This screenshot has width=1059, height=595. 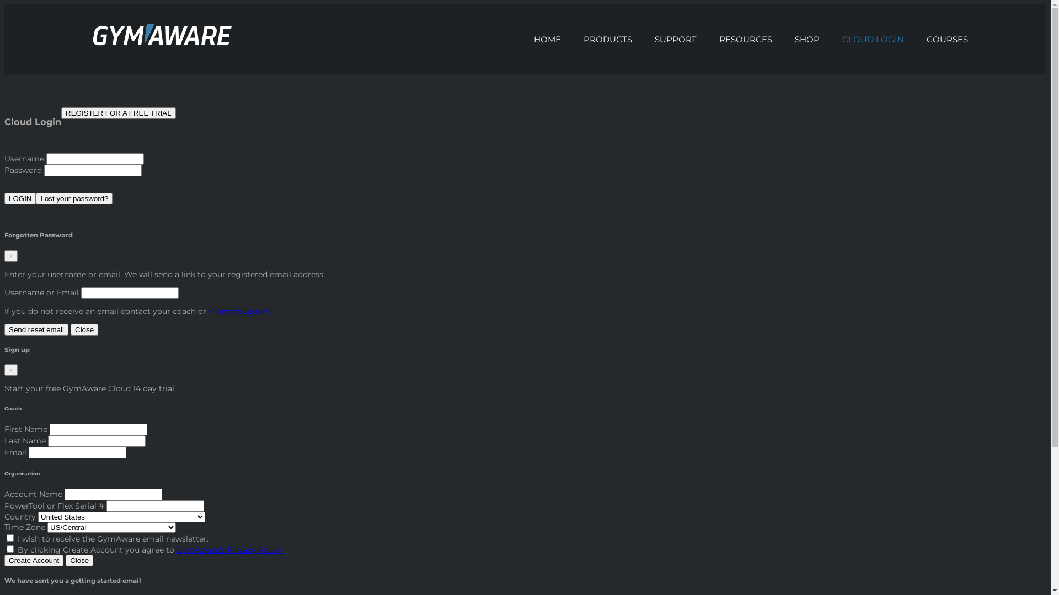 What do you see at coordinates (831, 39) in the screenshot?
I see `'CLOUD LOGIN'` at bounding box center [831, 39].